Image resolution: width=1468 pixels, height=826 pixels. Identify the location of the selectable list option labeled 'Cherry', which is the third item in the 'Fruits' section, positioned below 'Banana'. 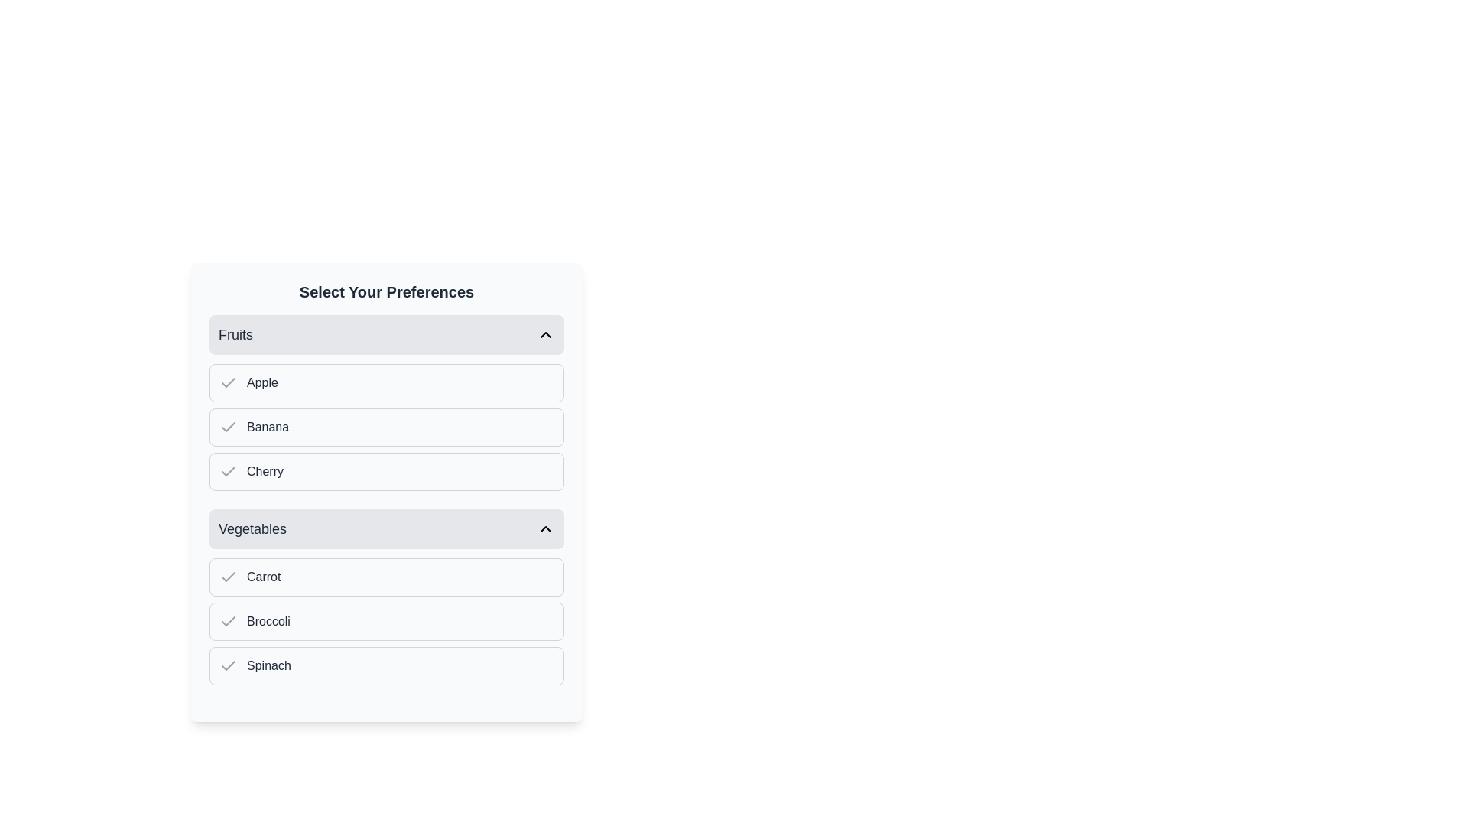
(386, 471).